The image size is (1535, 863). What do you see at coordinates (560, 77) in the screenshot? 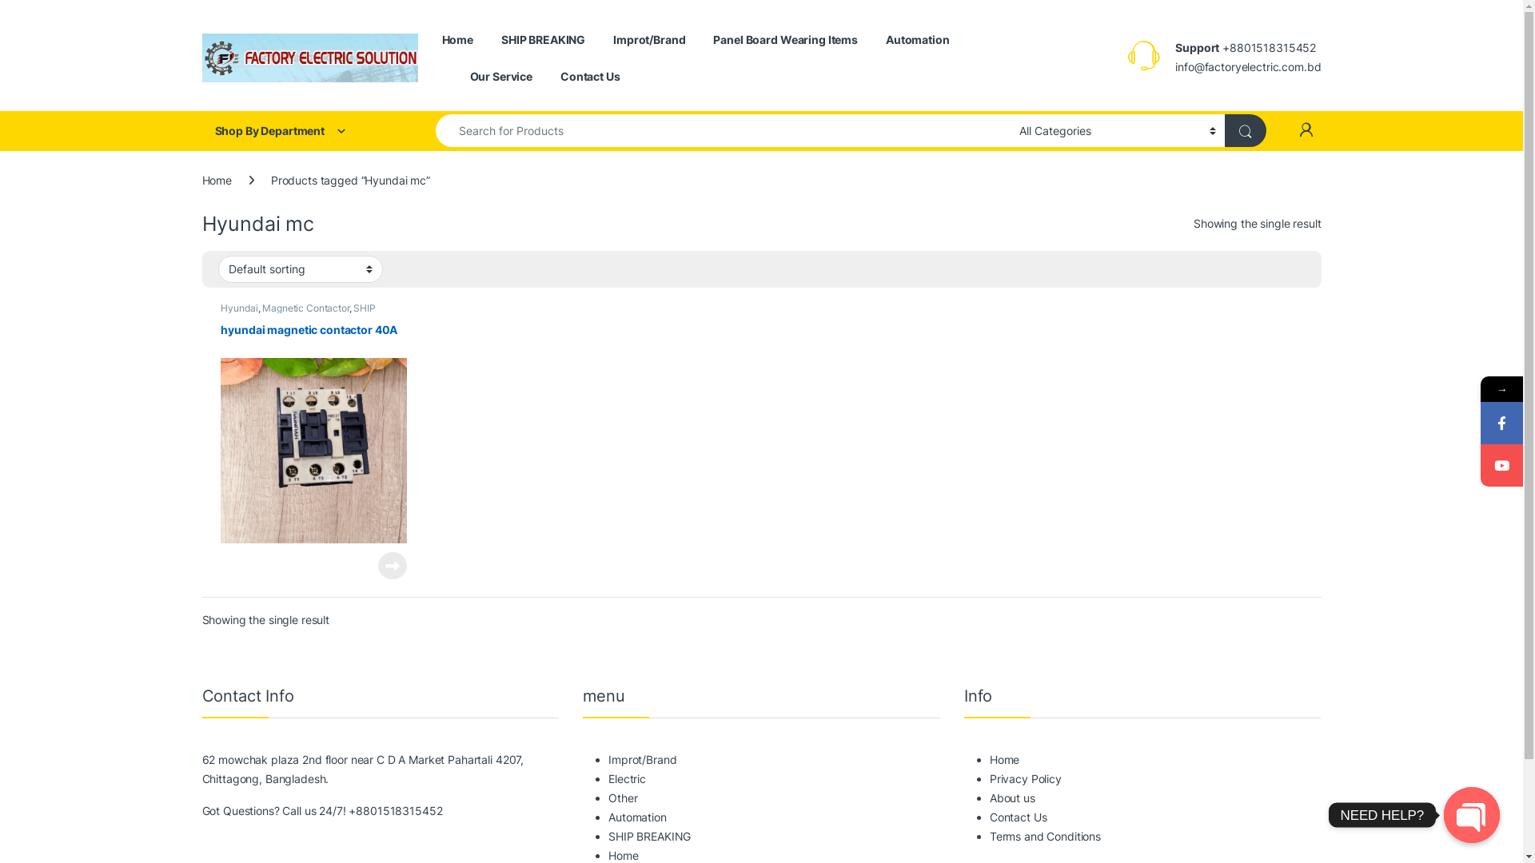
I see `'Contact Us'` at bounding box center [560, 77].